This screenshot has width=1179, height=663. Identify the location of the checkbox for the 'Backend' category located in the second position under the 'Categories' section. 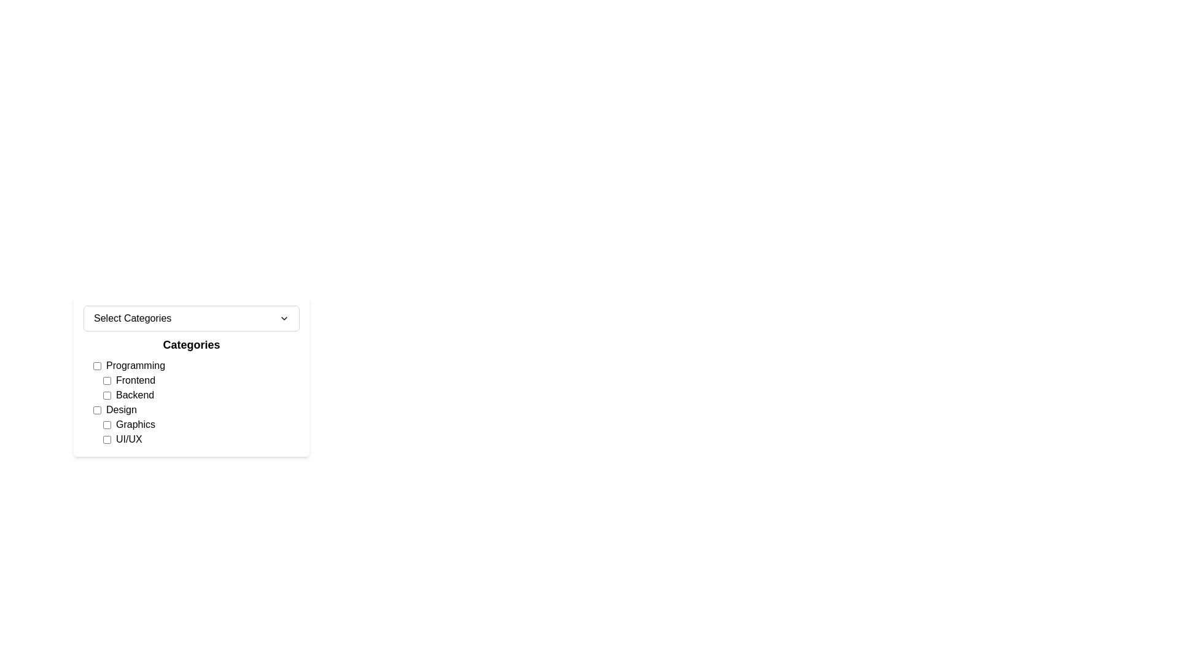
(107, 395).